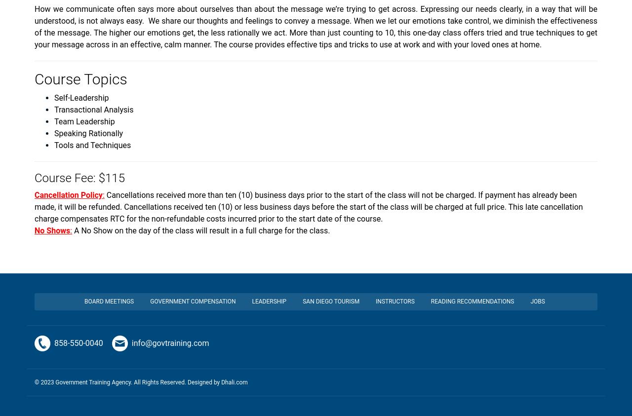 This screenshot has width=632, height=416. Describe the element at coordinates (269, 301) in the screenshot. I see `'Leadership'` at that location.